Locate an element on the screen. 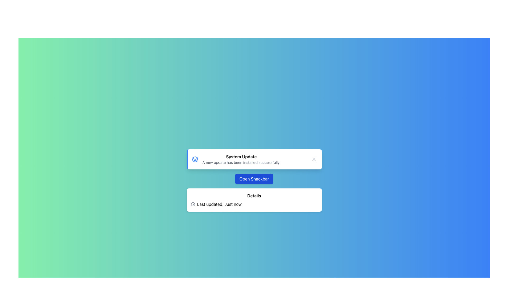  the small 'X' icon in the top-right corner of the 'System Update' notification card is located at coordinates (314, 159).